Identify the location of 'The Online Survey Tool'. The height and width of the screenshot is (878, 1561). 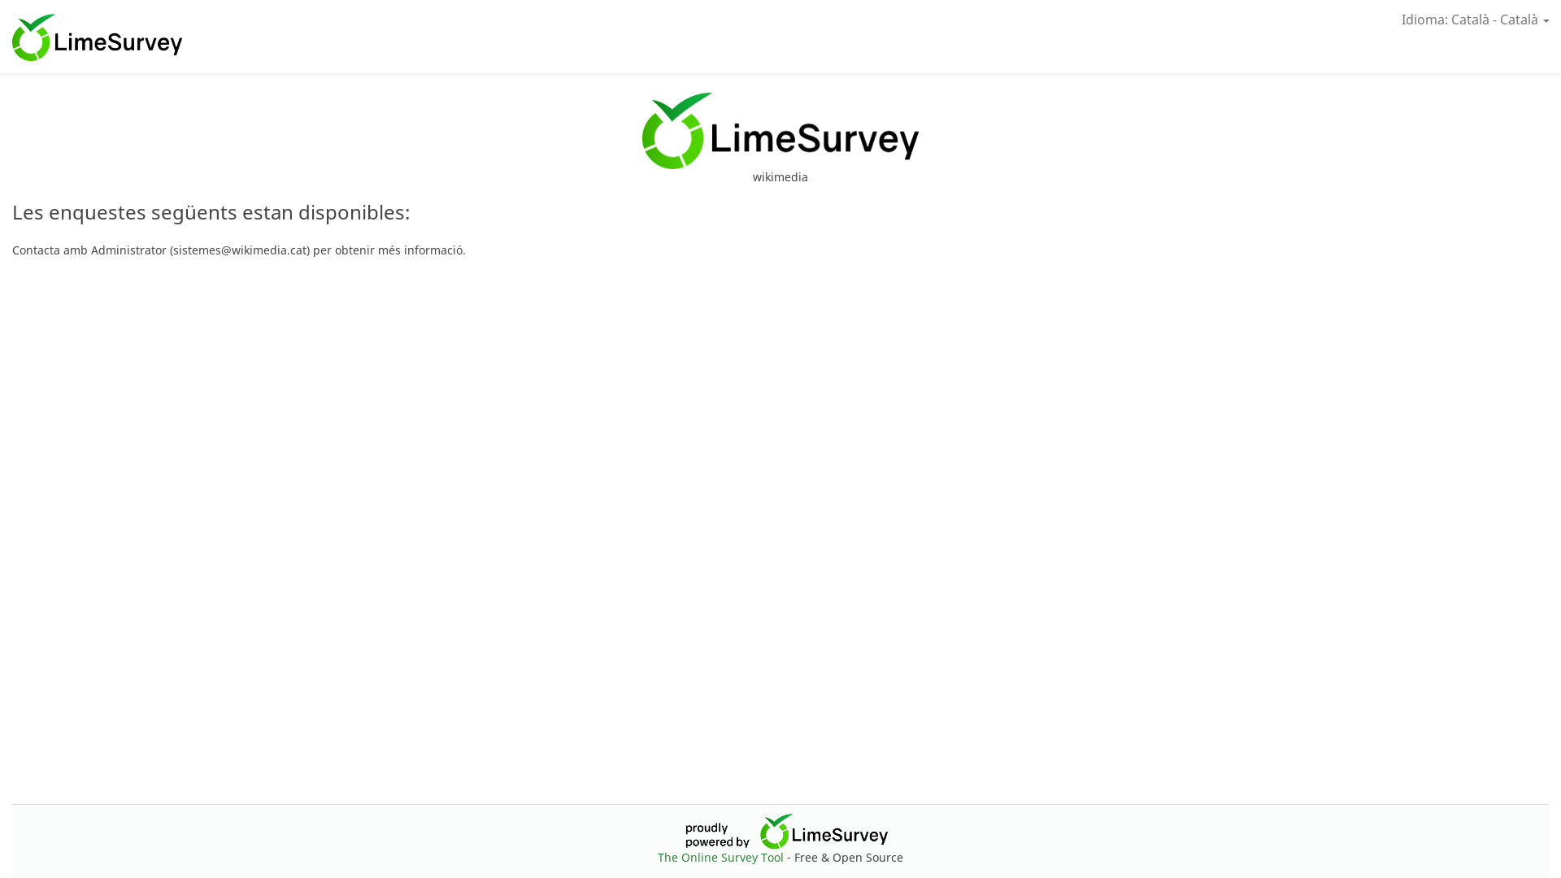
(721, 856).